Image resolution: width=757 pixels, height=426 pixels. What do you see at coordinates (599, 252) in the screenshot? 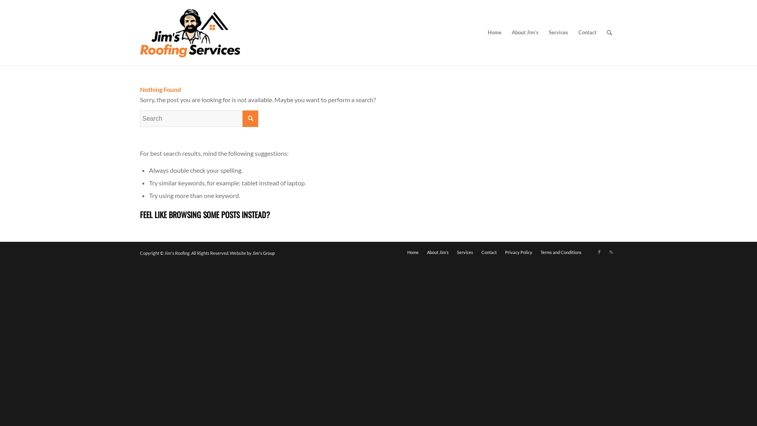
I see `'Facebook'` at bounding box center [599, 252].